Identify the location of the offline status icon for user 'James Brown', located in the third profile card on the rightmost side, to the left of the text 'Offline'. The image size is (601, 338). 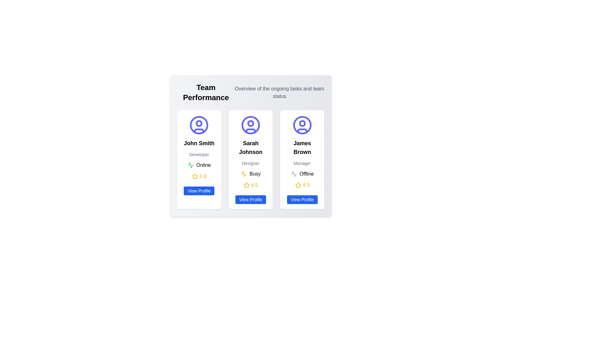
(293, 174).